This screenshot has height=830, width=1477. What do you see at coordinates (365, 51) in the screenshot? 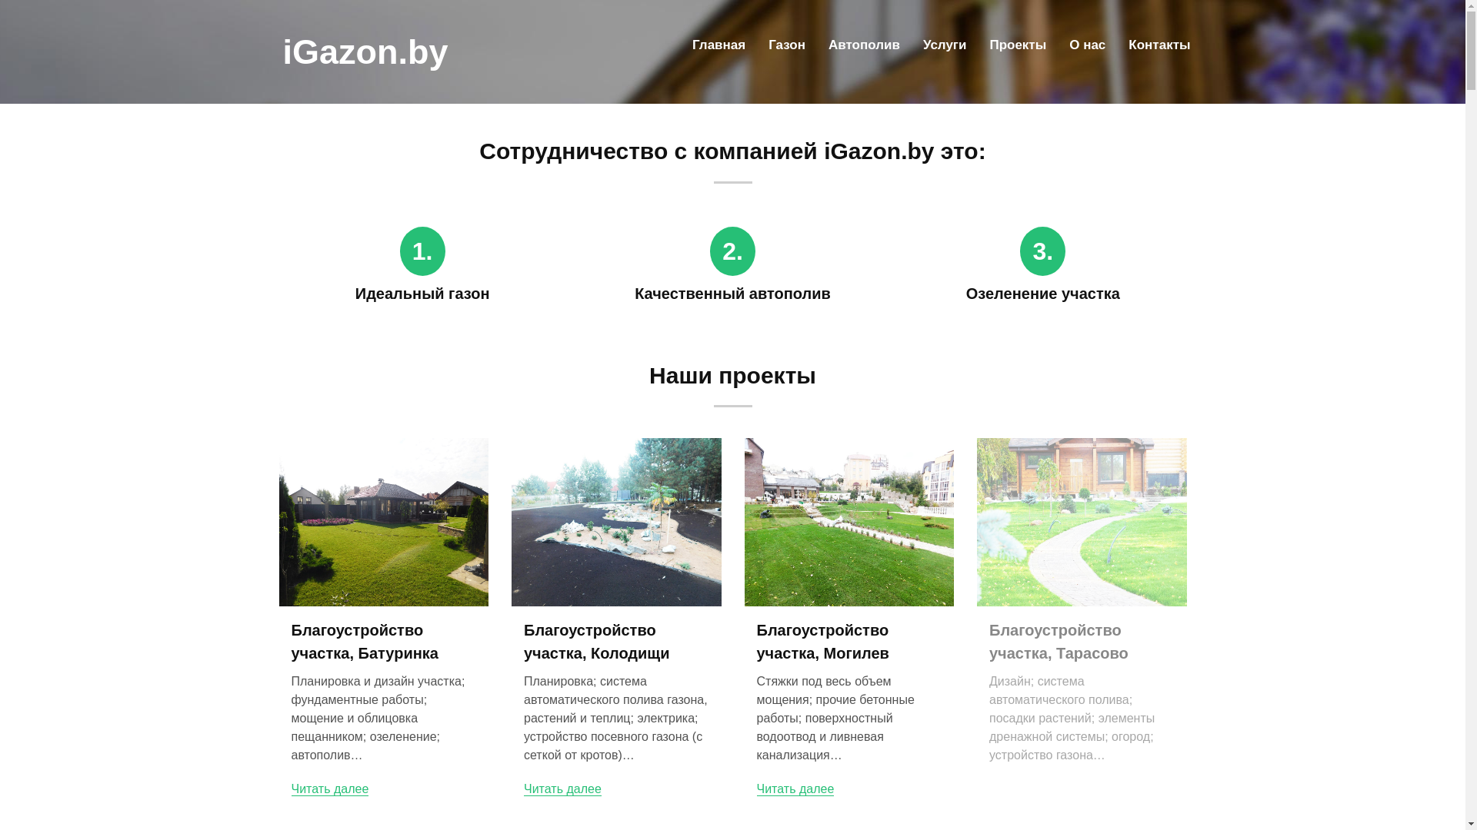
I see `'iGazon.by'` at bounding box center [365, 51].